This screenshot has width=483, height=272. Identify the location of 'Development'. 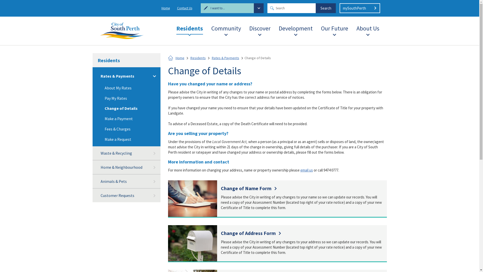
(296, 27).